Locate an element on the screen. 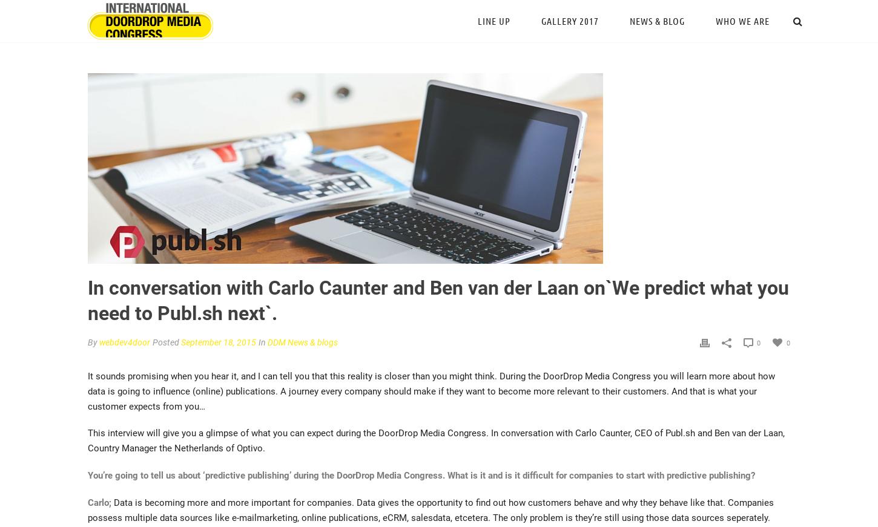 The width and height of the screenshot is (878, 527). 'Posted' is located at coordinates (167, 342).